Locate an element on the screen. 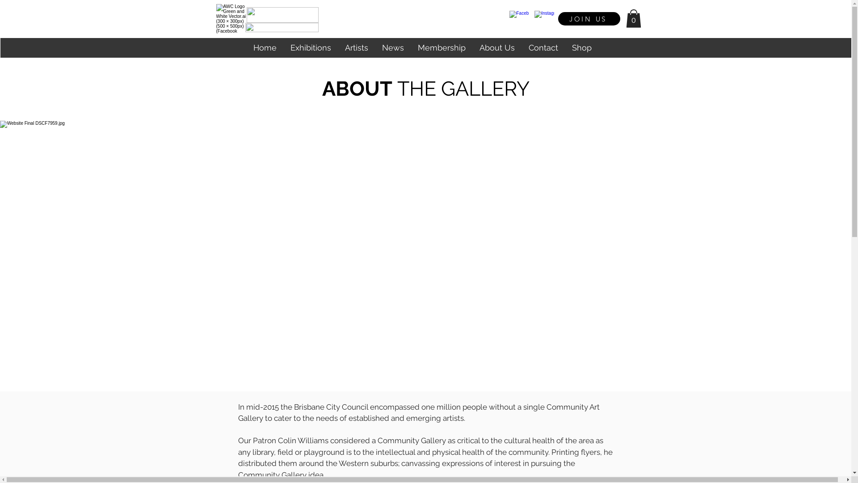 The width and height of the screenshot is (858, 483). 'Untitled design (43).png' is located at coordinates (247, 15).